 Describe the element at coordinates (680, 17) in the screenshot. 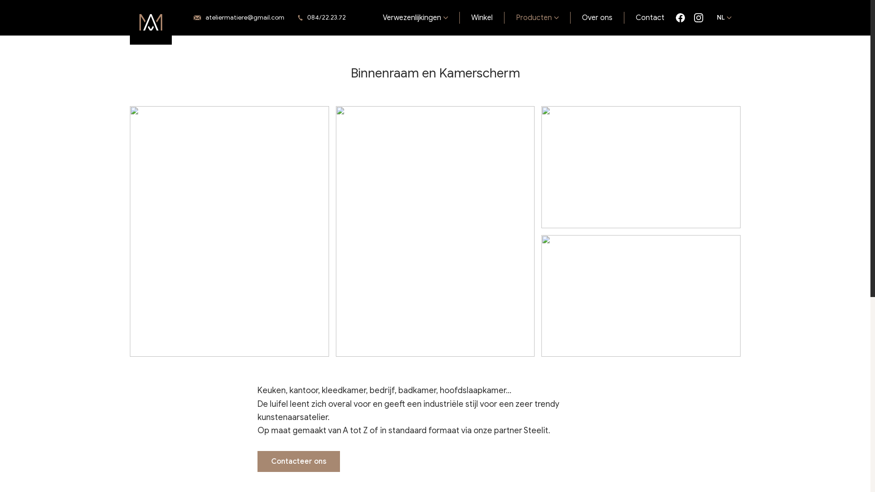

I see `'Facebook'` at that location.